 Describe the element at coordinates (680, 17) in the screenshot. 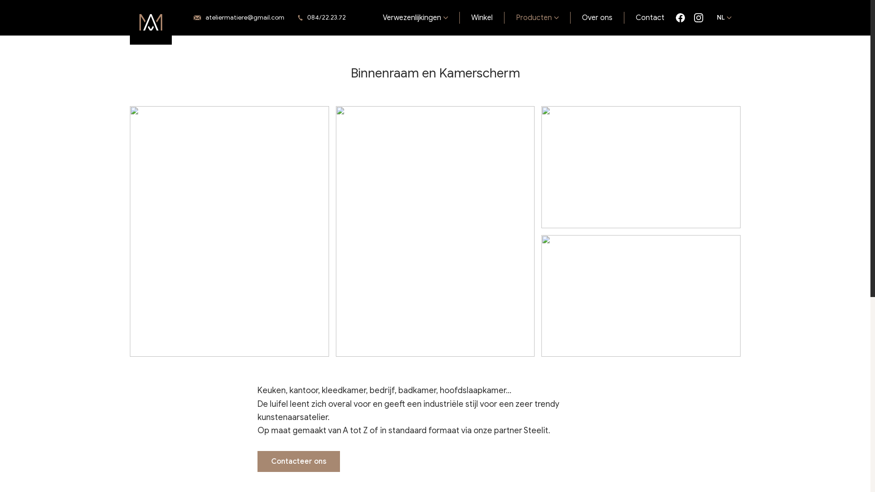

I see `'Facebook'` at that location.